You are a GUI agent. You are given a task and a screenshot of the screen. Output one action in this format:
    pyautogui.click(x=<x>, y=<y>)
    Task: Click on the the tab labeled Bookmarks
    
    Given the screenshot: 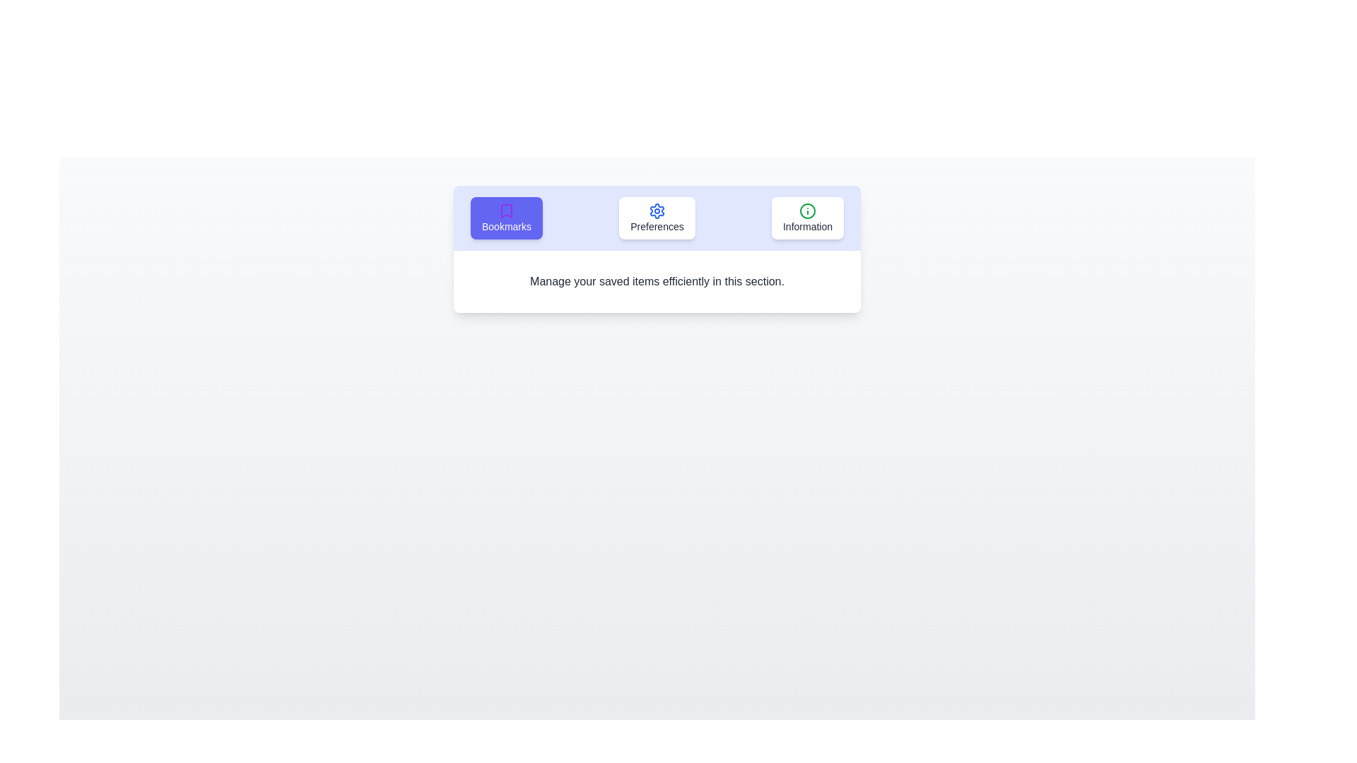 What is the action you would take?
    pyautogui.click(x=506, y=218)
    